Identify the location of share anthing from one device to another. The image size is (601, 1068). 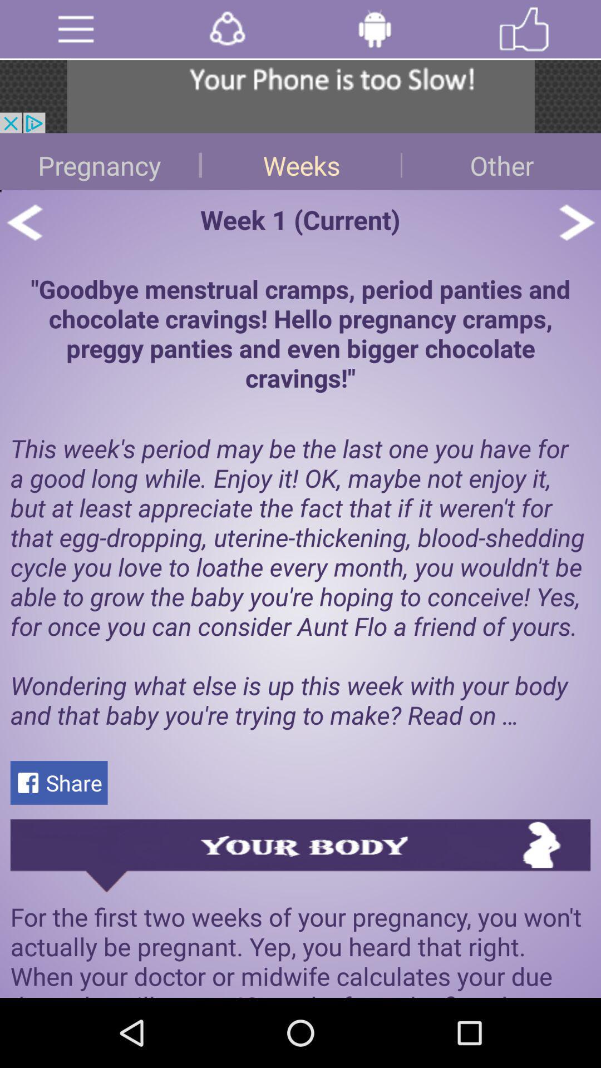
(226, 29).